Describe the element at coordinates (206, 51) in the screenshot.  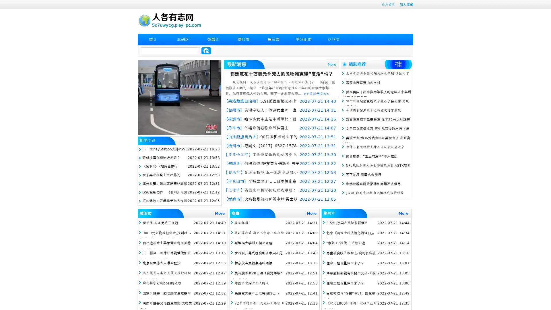
I see `Search` at that location.